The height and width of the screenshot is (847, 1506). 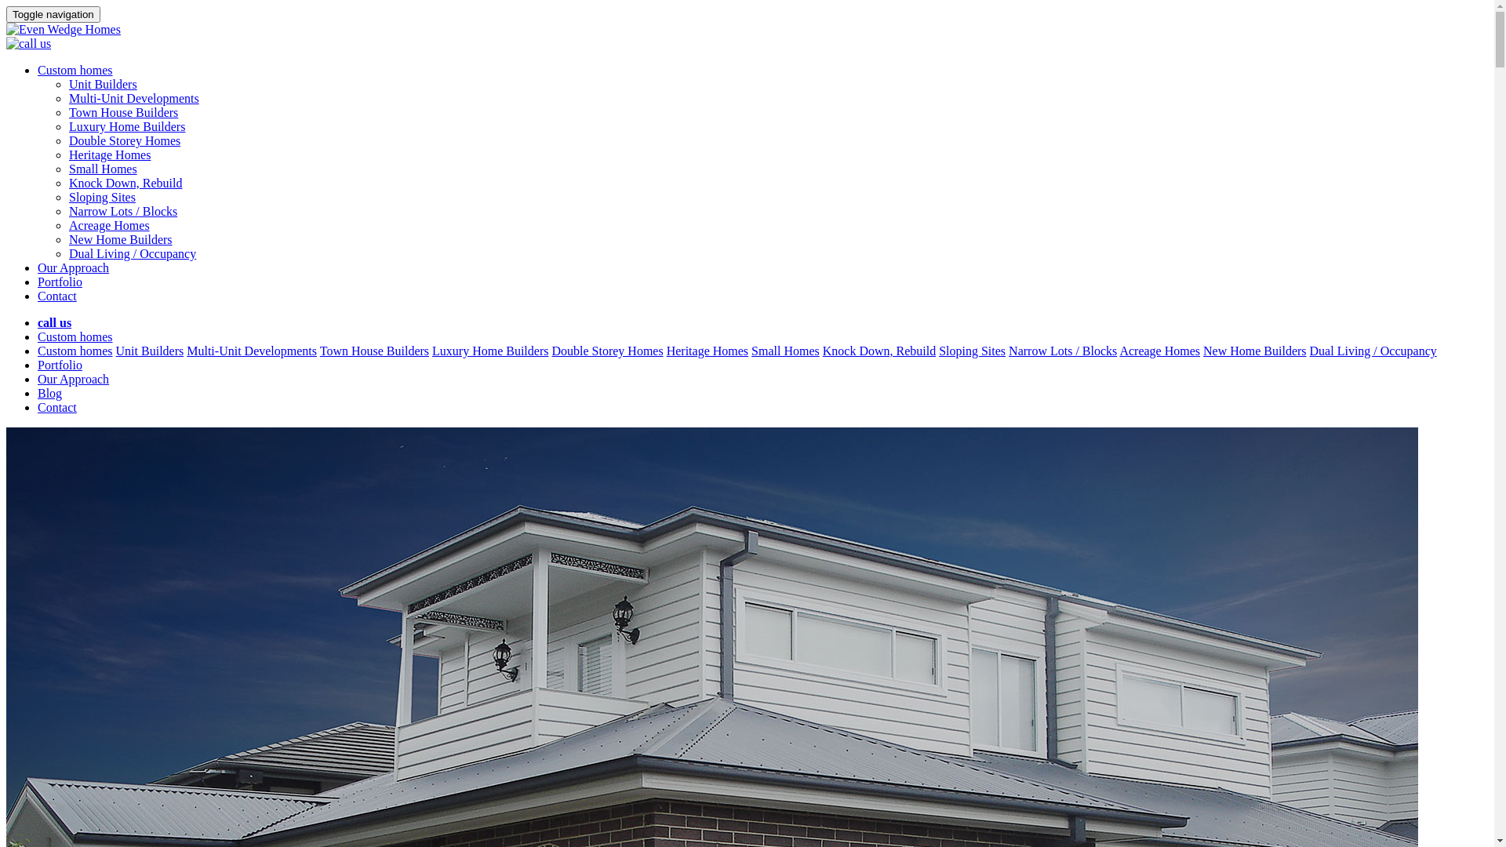 I want to click on 'Luxury Home Builders', so click(x=489, y=350).